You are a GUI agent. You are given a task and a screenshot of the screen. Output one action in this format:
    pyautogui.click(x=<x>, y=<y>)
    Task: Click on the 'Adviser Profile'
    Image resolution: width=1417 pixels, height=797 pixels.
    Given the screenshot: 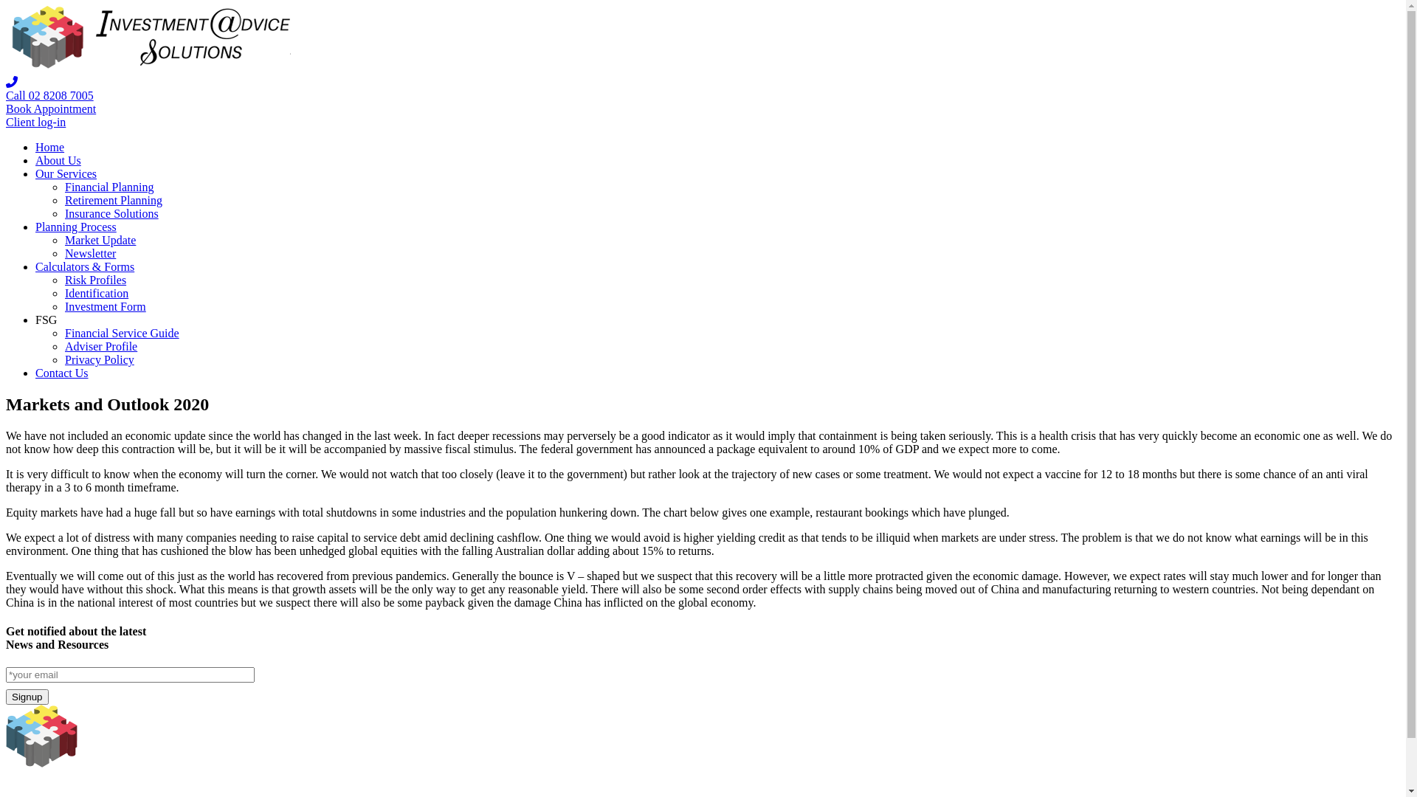 What is the action you would take?
    pyautogui.click(x=100, y=346)
    